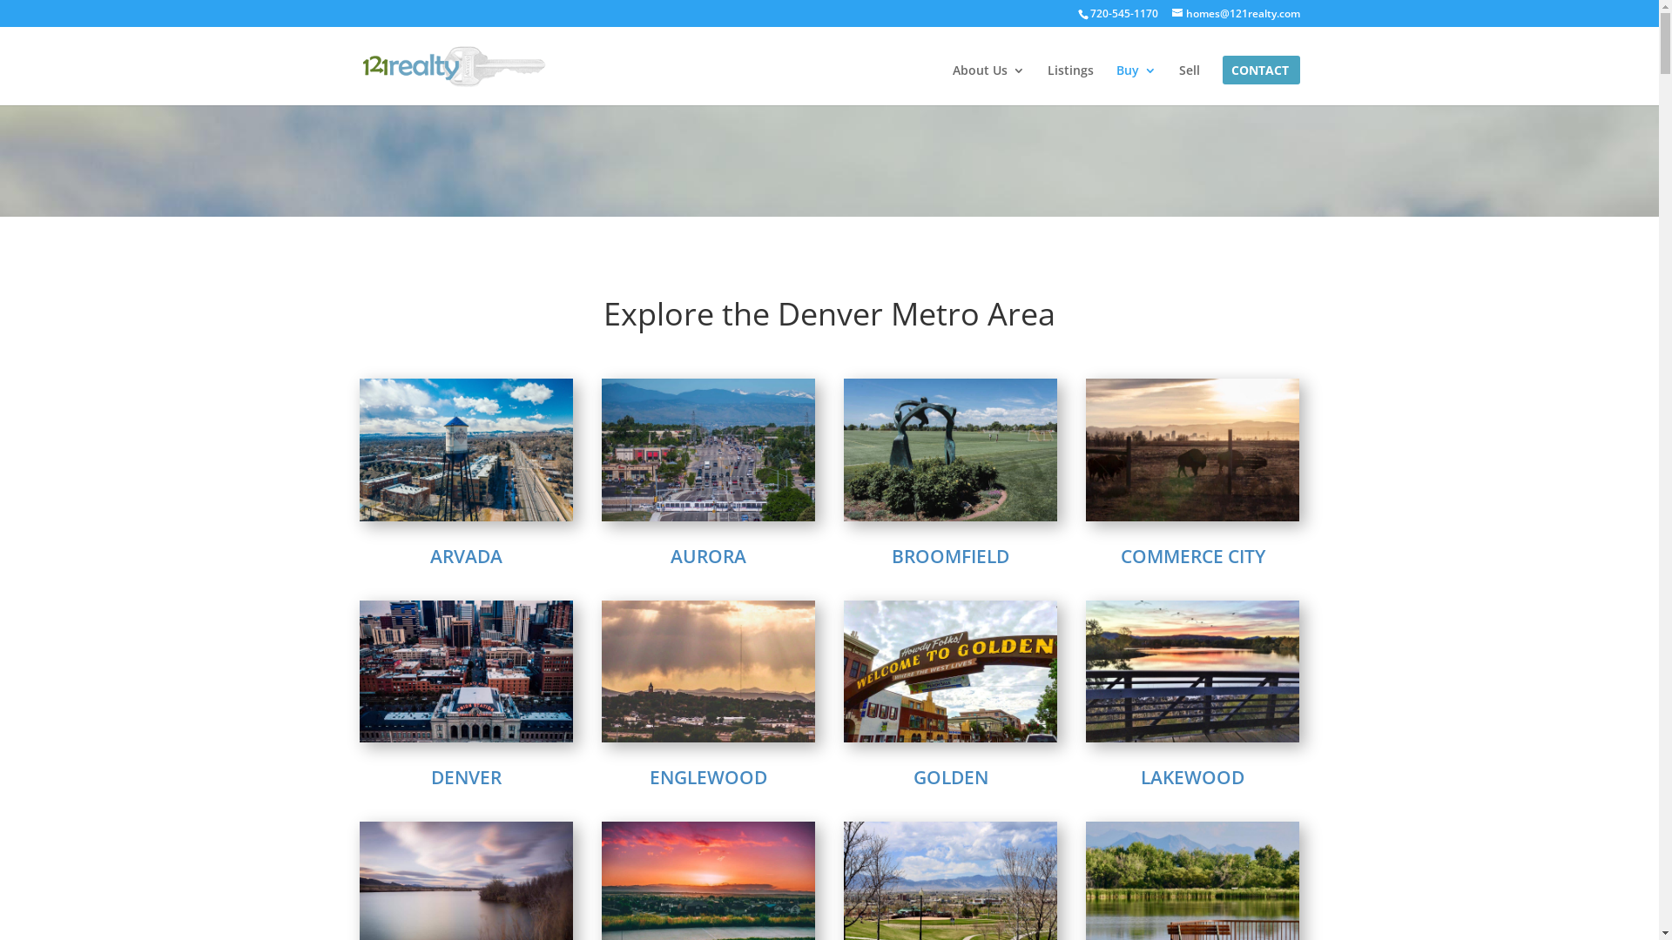 The width and height of the screenshot is (1672, 940). I want to click on 'ENGLEWOOD', so click(708, 776).